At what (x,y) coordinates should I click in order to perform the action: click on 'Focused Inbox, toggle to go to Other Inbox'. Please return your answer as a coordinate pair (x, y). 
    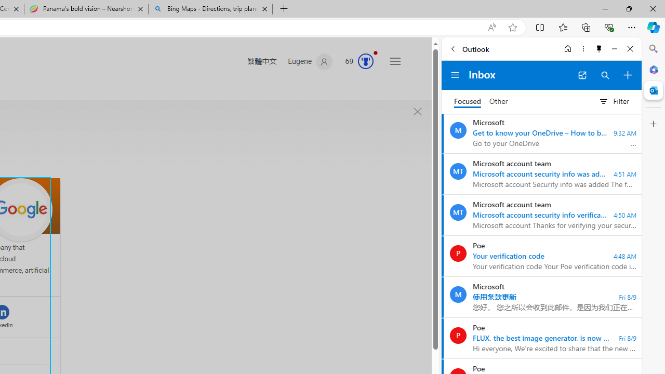
    Looking at the image, I should click on (481, 101).